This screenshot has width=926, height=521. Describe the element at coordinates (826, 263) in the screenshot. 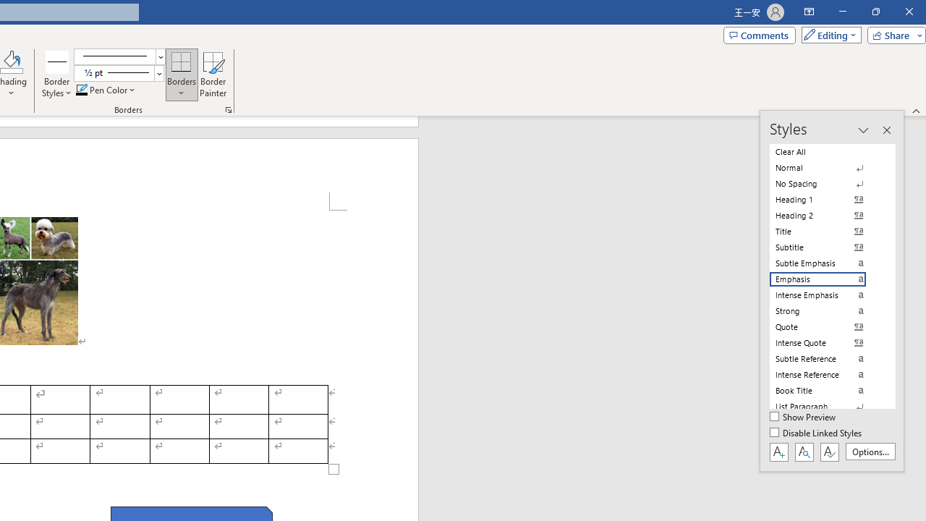

I see `'Subtle Emphasis'` at that location.